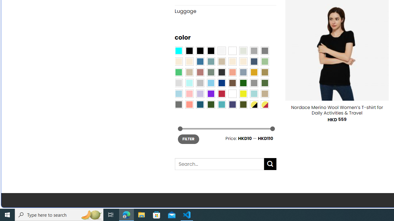 The height and width of the screenshot is (221, 394). Describe the element at coordinates (200, 50) in the screenshot. I see `'Black'` at that location.